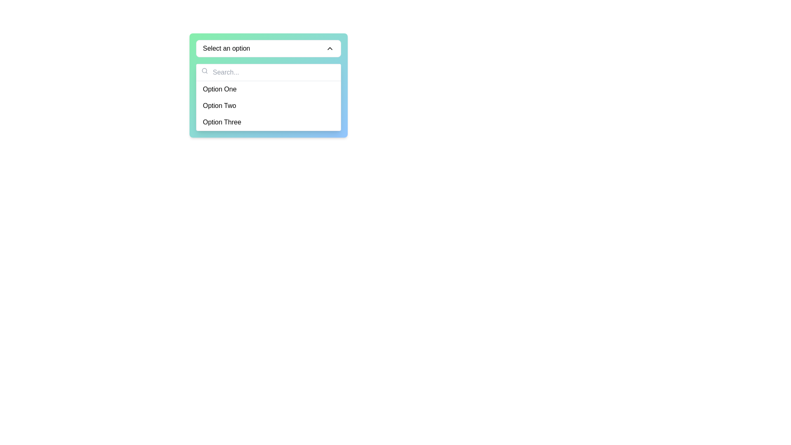 The width and height of the screenshot is (791, 445). I want to click on the text label 'Option Three' within the dropdown menu, so click(222, 122).